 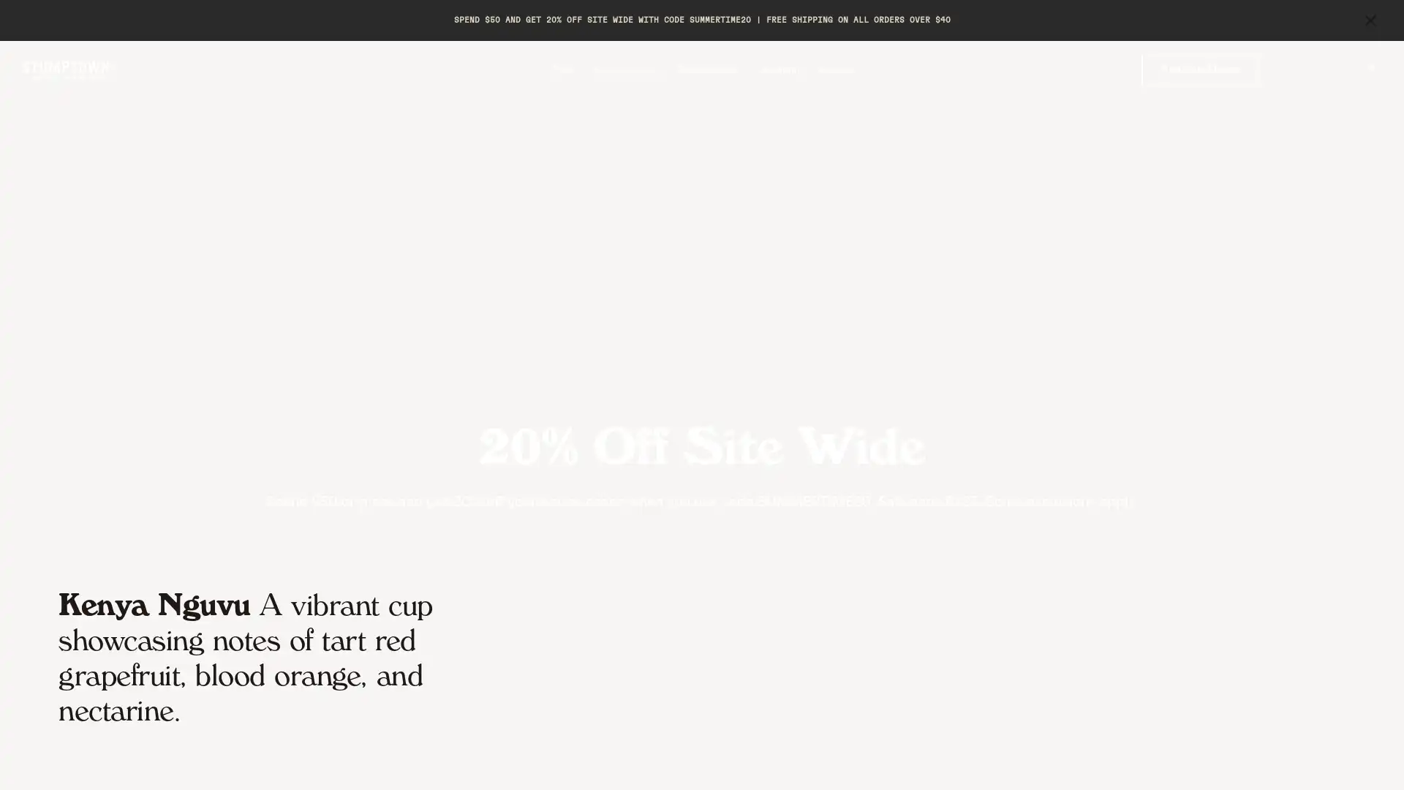 I want to click on Toggle search, so click(x=1288, y=70).